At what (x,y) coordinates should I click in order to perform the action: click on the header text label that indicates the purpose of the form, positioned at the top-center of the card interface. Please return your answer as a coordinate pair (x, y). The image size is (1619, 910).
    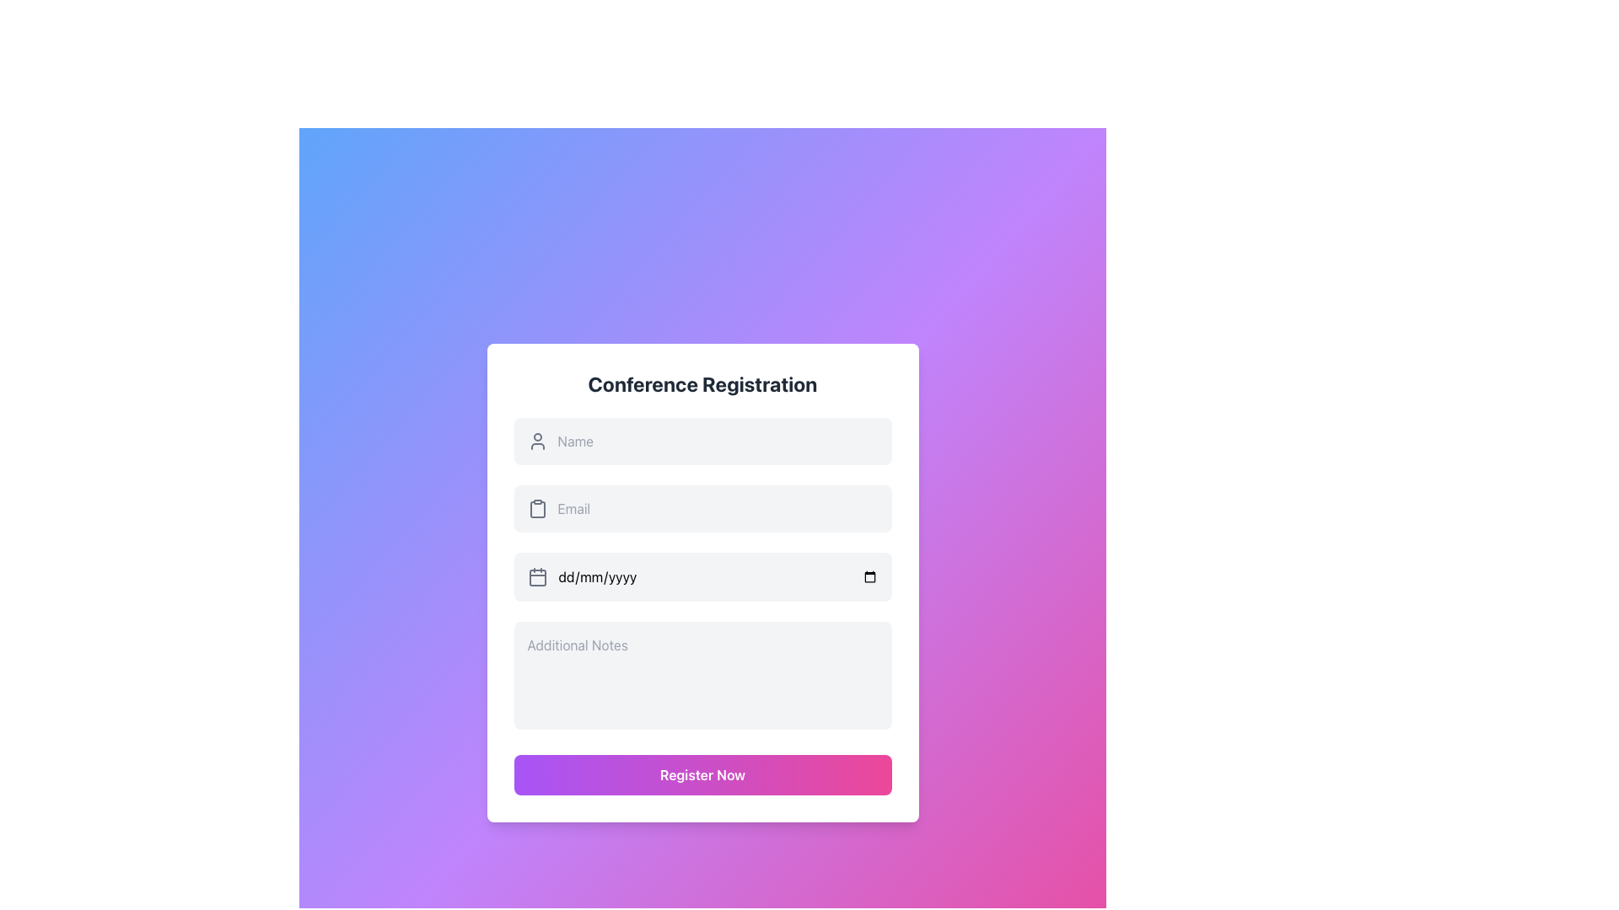
    Looking at the image, I should click on (702, 383).